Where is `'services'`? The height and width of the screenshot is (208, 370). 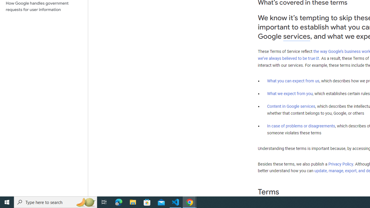 'services' is located at coordinates (297, 36).